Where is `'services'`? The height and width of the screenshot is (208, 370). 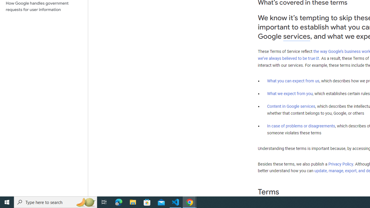 'services' is located at coordinates (297, 36).